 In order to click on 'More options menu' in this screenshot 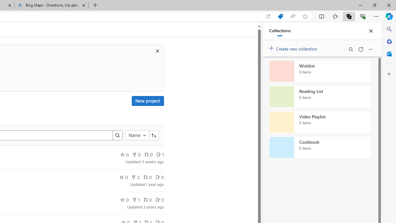, I will do `click(370, 49)`.